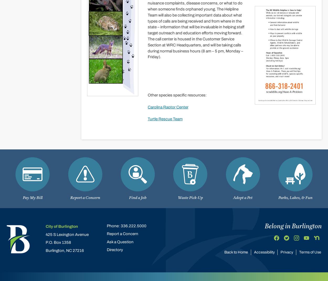 This screenshot has width=328, height=281. I want to click on 'Turtle Rescue Team', so click(147, 118).